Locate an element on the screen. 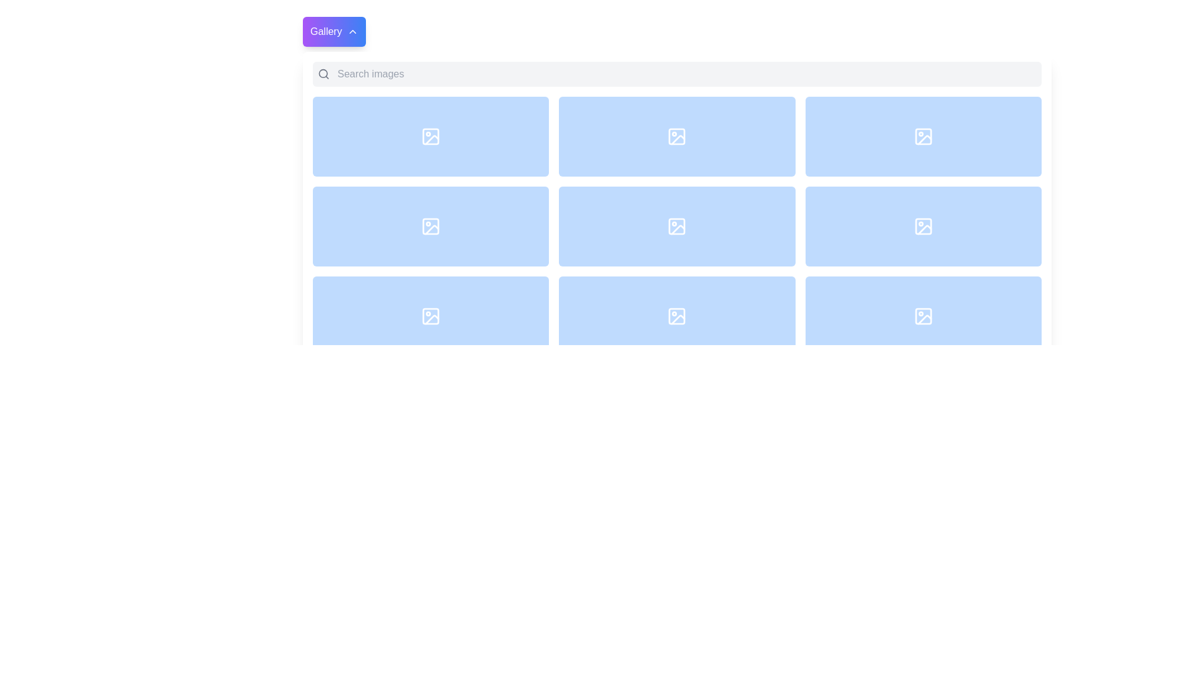 This screenshot has width=1199, height=674. the decorative SVG component that is part of the image placeholder icon located in the fourth column and third row of the grid layout is located at coordinates (431, 315).